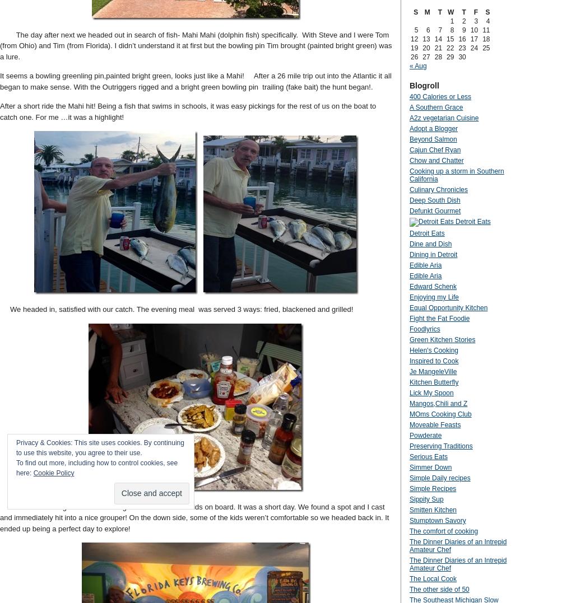 The image size is (576, 603). I want to click on '29', so click(447, 56).